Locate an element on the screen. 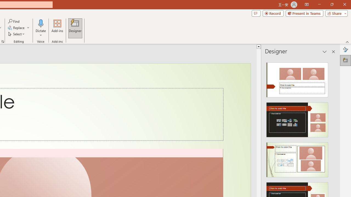  'Format Background' is located at coordinates (345, 50).